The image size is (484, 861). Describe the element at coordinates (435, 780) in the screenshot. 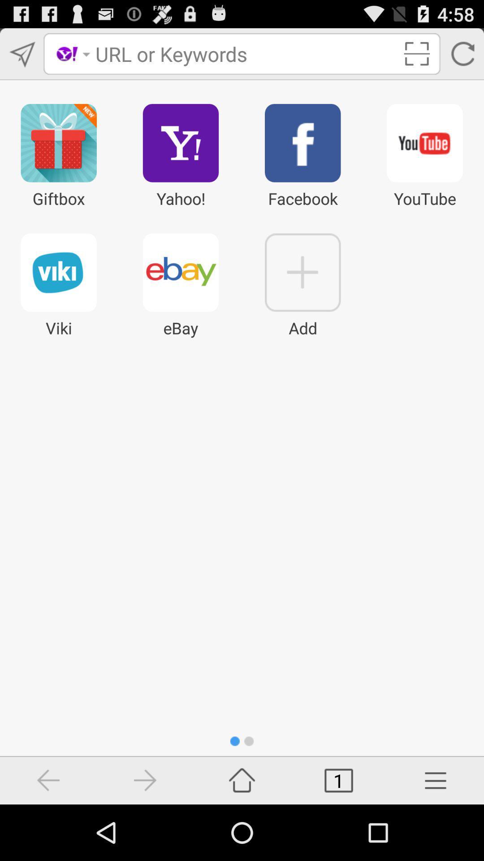

I see `more options` at that location.